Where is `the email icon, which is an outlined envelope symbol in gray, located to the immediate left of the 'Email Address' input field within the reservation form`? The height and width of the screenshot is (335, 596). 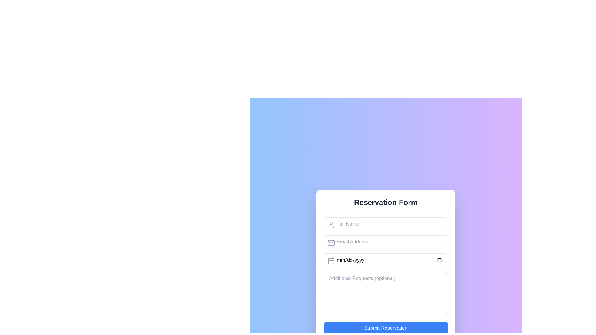
the email icon, which is an outlined envelope symbol in gray, located to the immediate left of the 'Email Address' input field within the reservation form is located at coordinates (331, 242).